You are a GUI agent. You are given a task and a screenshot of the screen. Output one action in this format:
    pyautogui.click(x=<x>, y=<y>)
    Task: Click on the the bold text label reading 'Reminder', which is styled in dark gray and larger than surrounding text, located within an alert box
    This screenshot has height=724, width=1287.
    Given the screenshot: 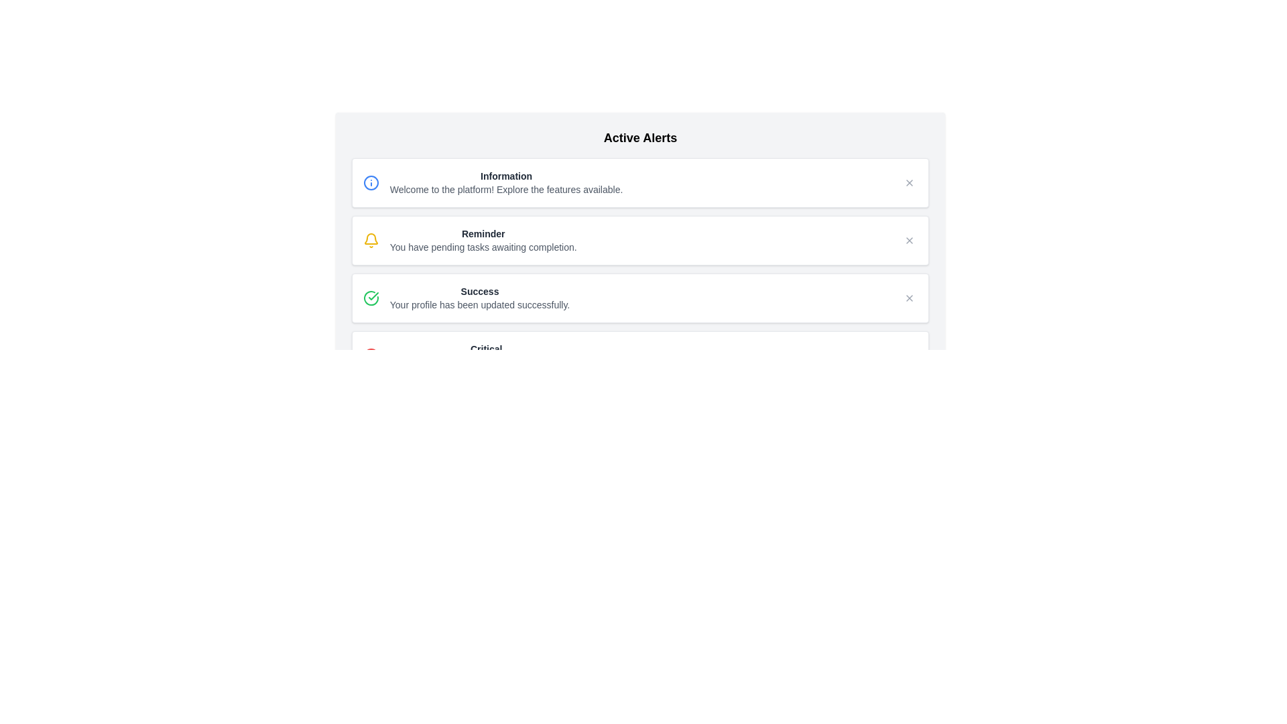 What is the action you would take?
    pyautogui.click(x=483, y=233)
    